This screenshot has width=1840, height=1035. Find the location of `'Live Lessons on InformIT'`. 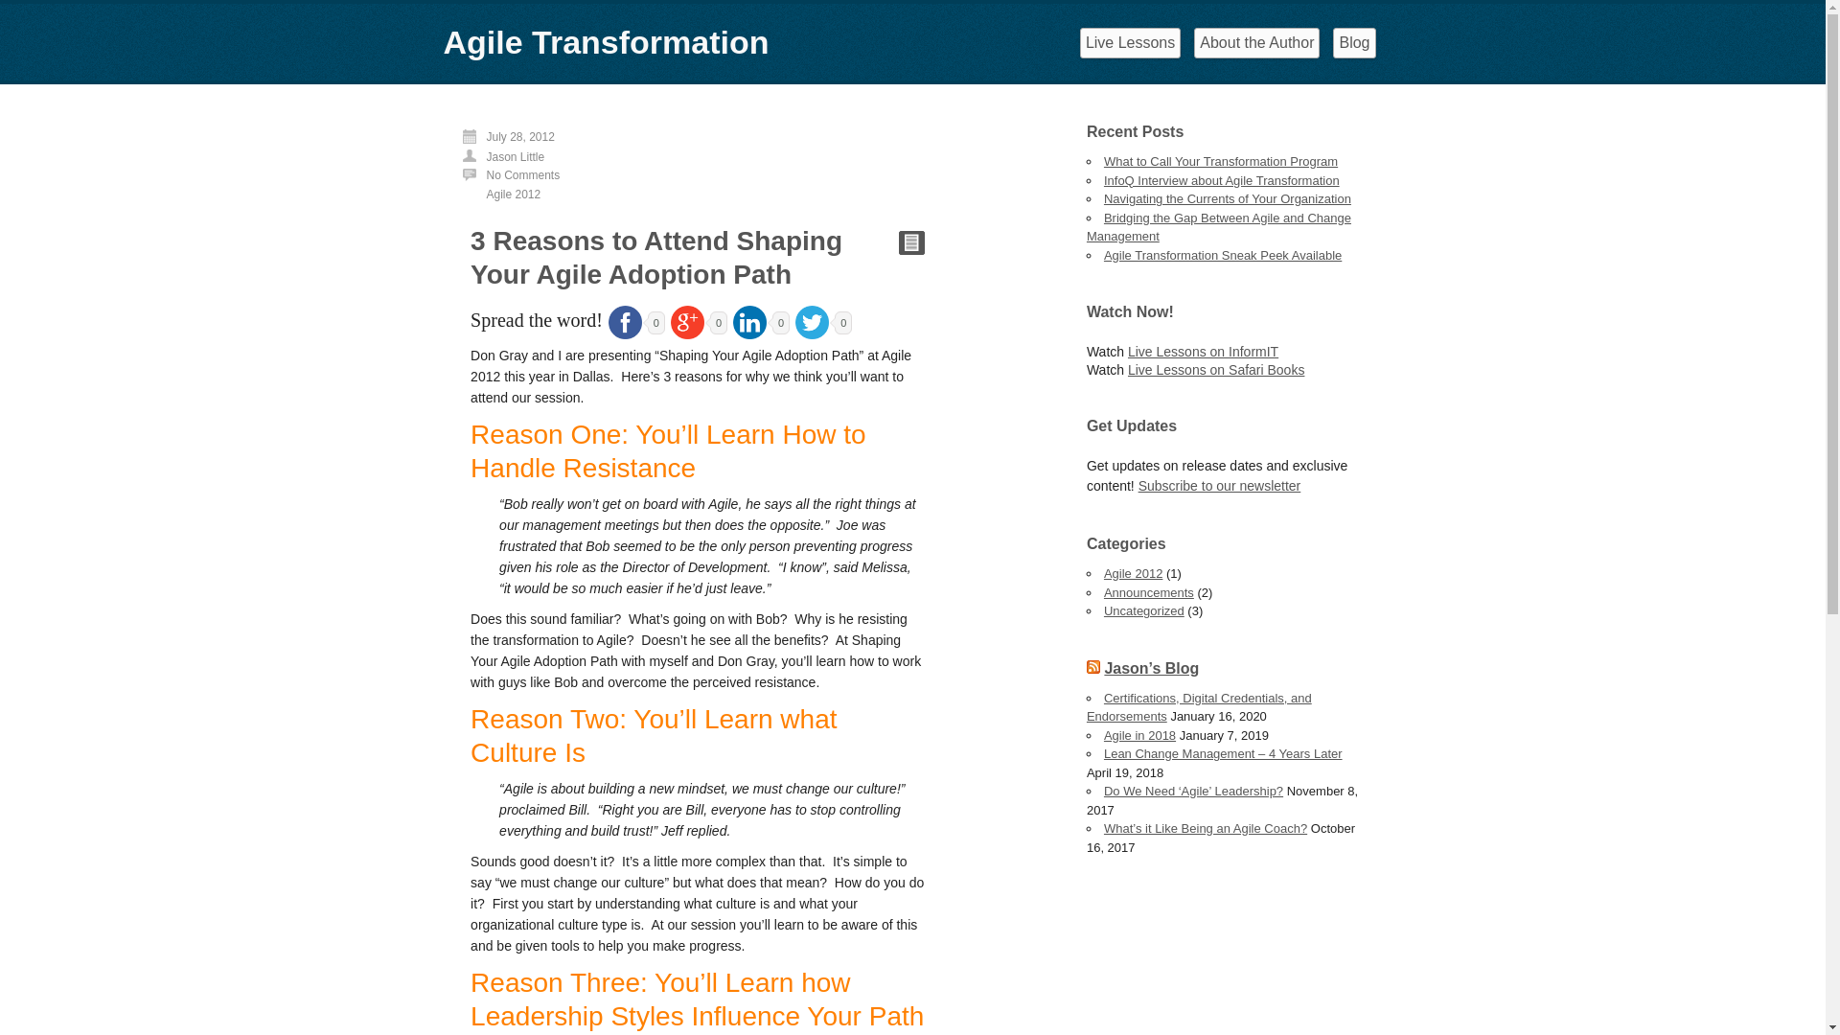

'Live Lessons on InformIT' is located at coordinates (1202, 351).